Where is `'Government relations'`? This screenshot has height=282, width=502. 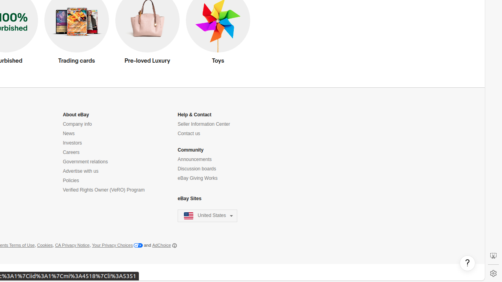 'Government relations' is located at coordinates (85, 161).